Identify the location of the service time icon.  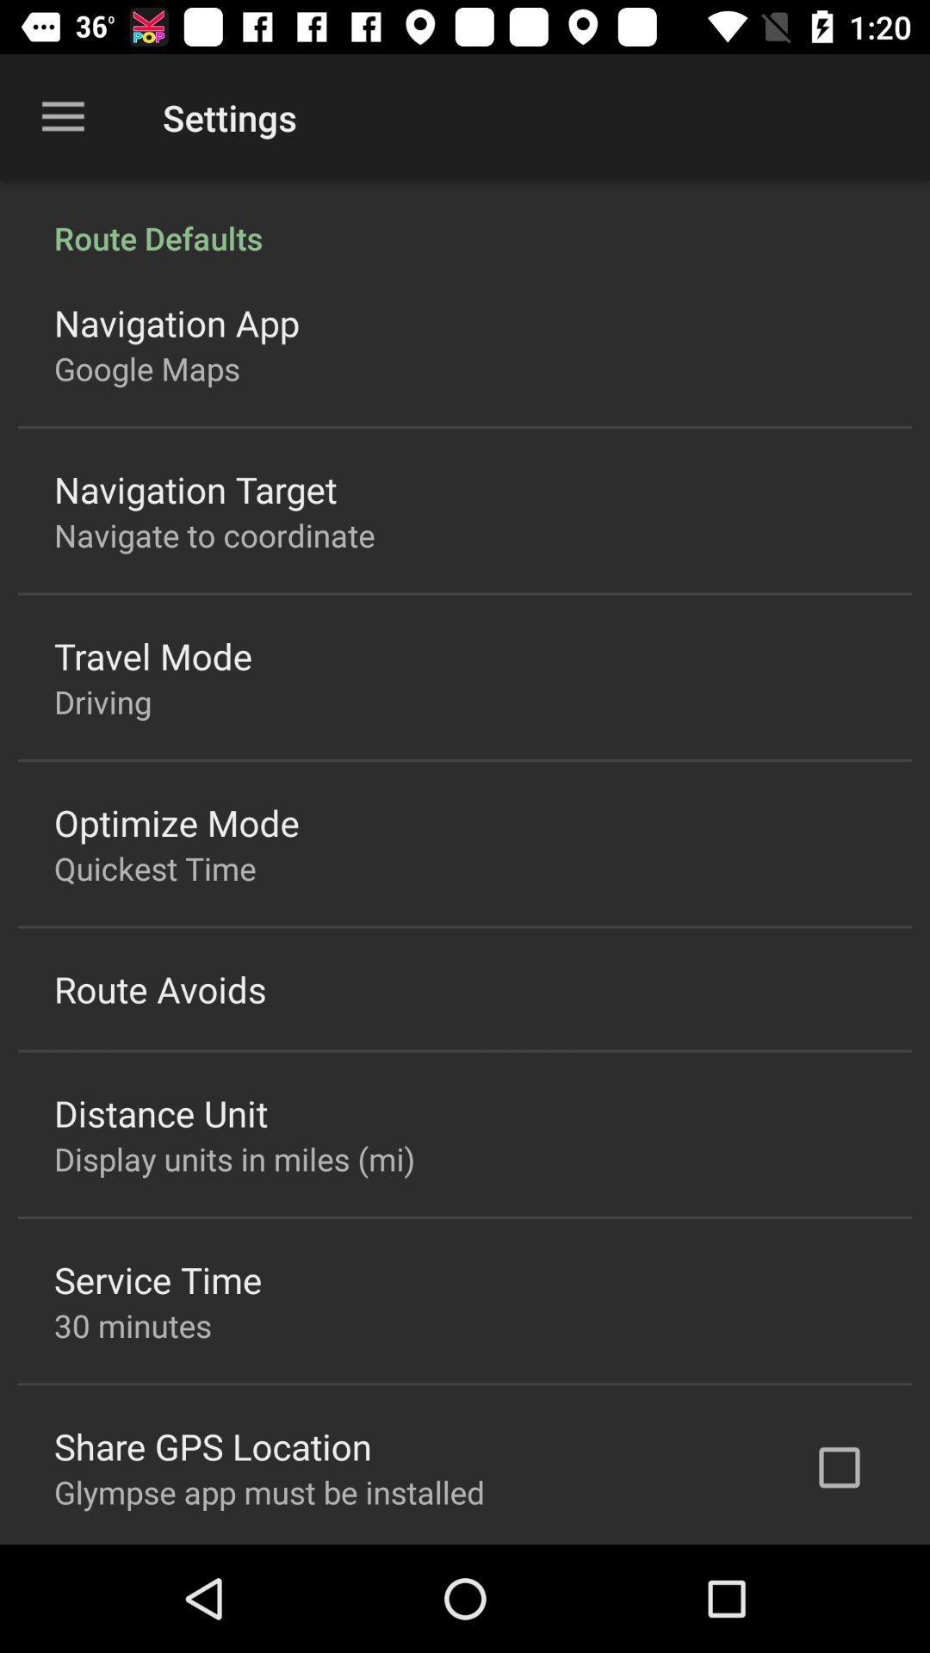
(158, 1279).